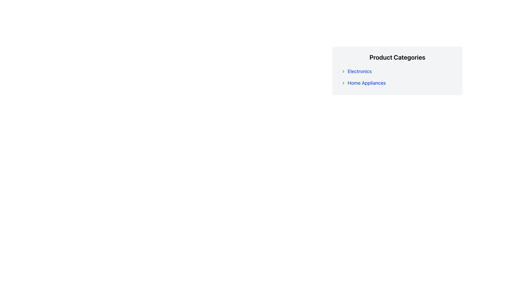 This screenshot has height=285, width=508. What do you see at coordinates (343, 83) in the screenshot?
I see `the small, right-pointing chevron icon located to the left of the 'Home Appliances' text` at bounding box center [343, 83].